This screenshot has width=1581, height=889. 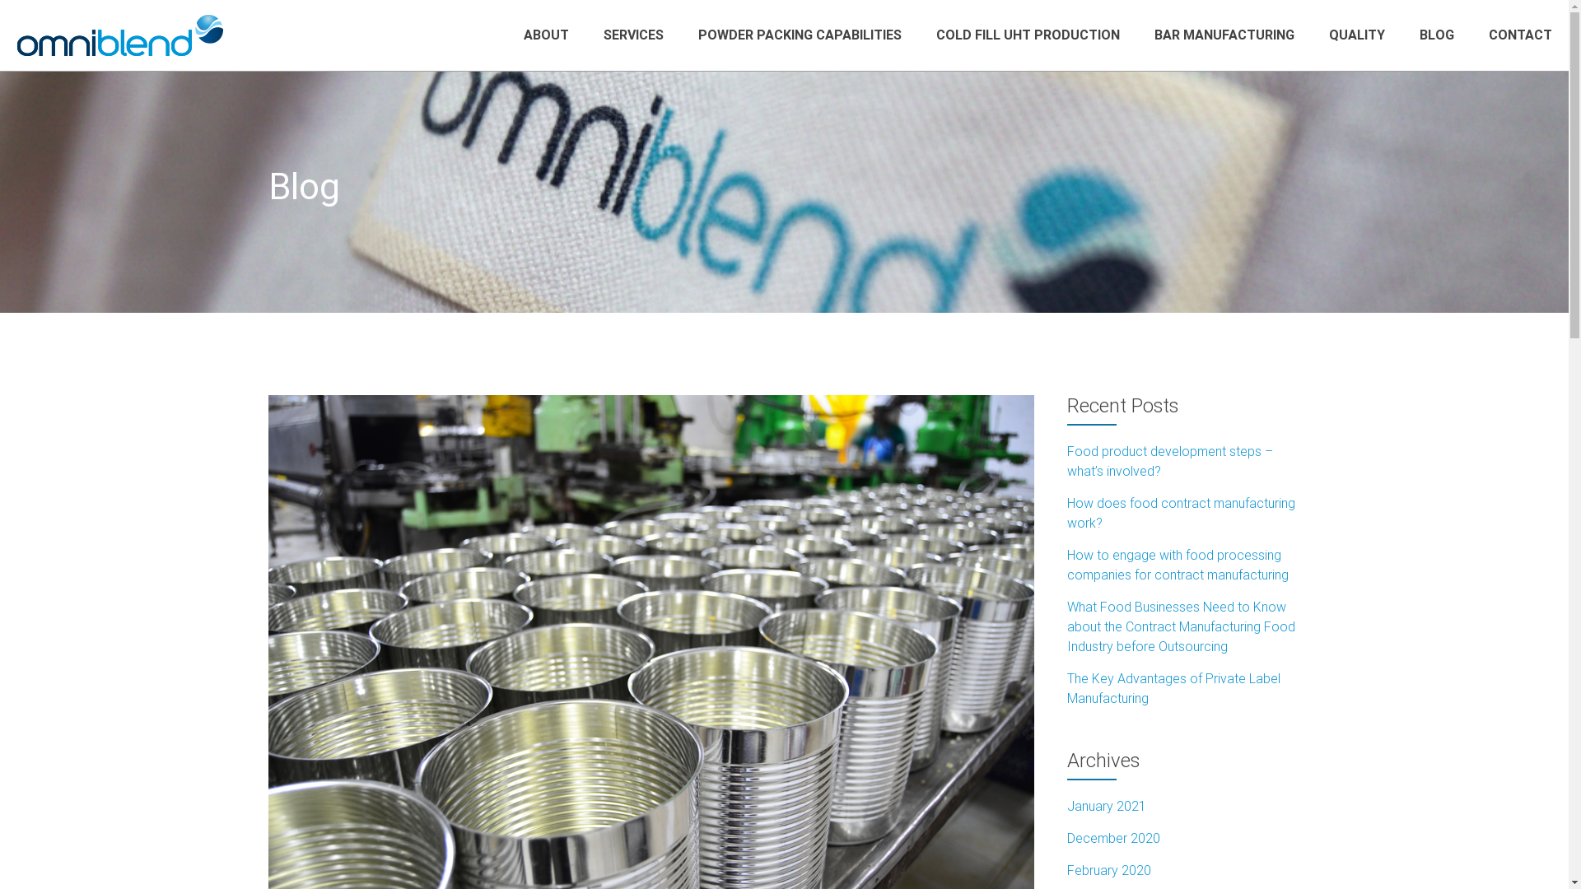 What do you see at coordinates (698, 35) in the screenshot?
I see `'POWDER PACKING CAPABILITIES'` at bounding box center [698, 35].